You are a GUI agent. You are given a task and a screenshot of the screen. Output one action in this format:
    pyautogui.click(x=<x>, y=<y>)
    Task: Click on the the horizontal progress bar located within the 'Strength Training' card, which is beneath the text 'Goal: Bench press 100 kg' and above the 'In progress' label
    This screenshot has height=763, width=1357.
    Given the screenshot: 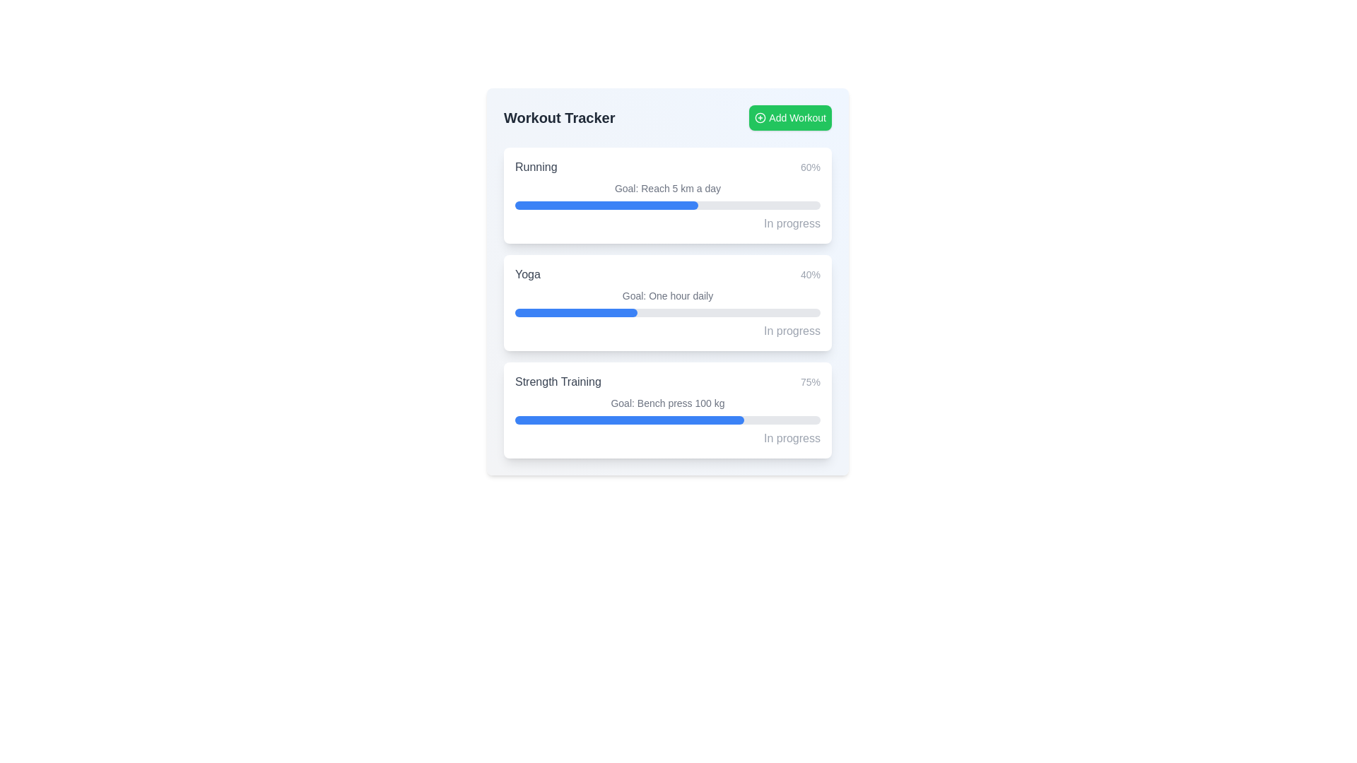 What is the action you would take?
    pyautogui.click(x=667, y=419)
    